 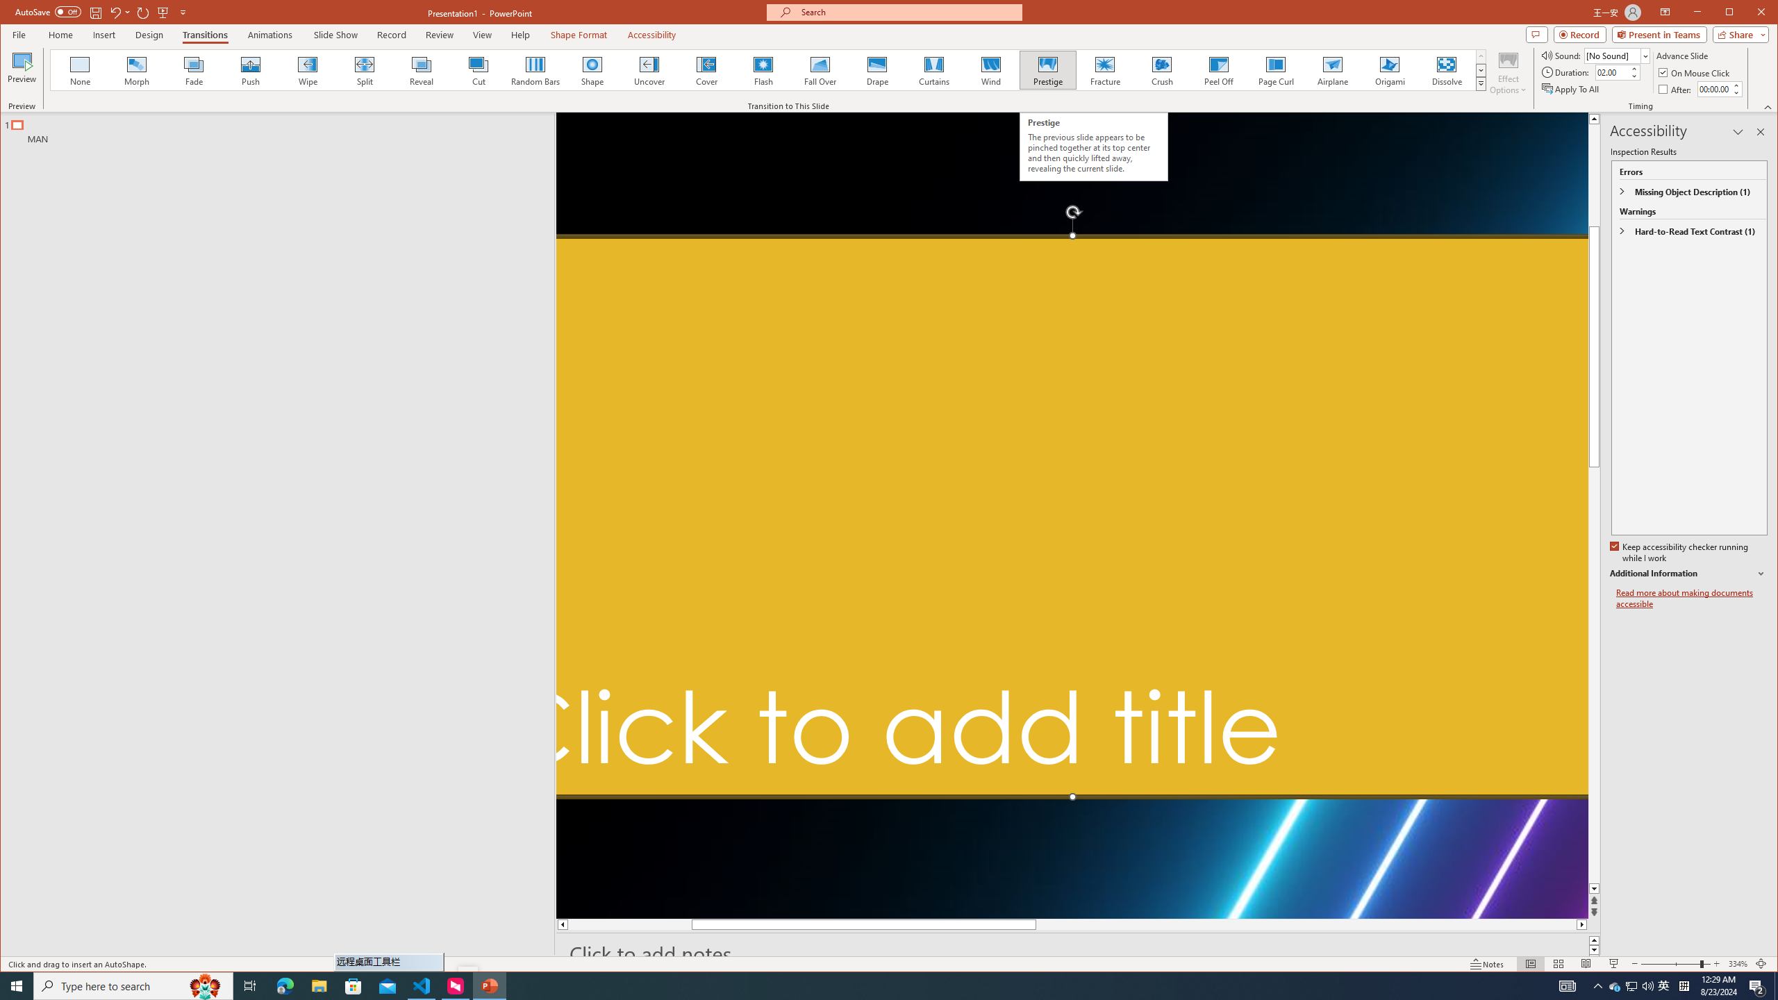 What do you see at coordinates (1738, 963) in the screenshot?
I see `'Zoom 334%'` at bounding box center [1738, 963].